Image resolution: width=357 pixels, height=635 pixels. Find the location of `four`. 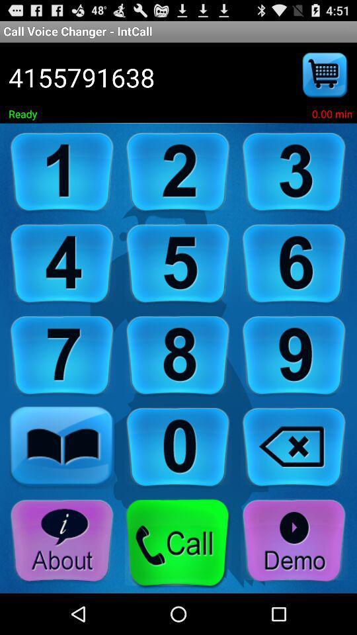

four is located at coordinates (61, 263).